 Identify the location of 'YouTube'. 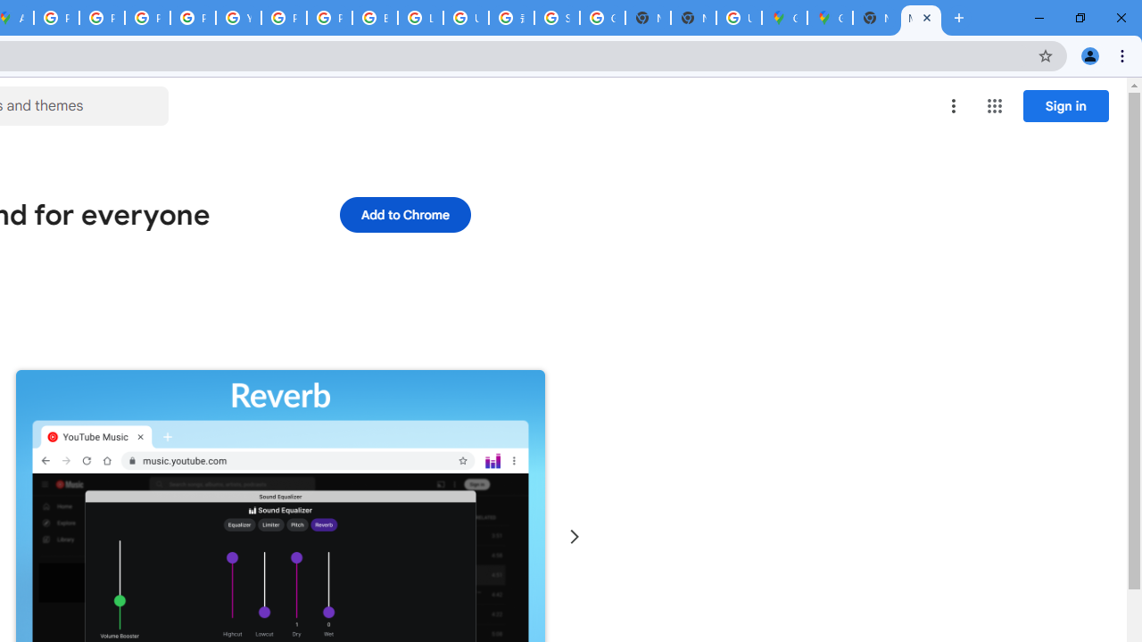
(237, 18).